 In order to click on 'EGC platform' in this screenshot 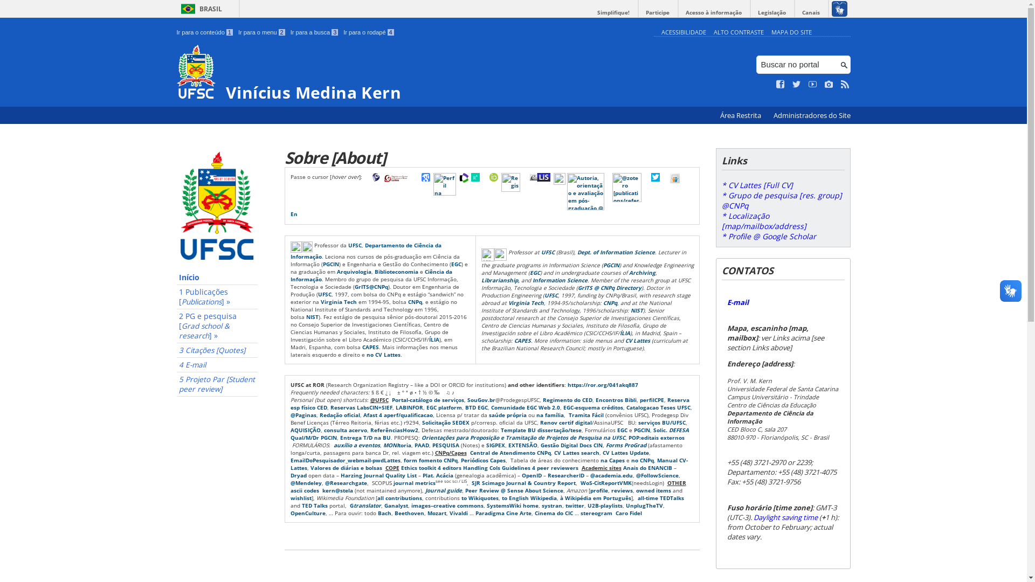, I will do `click(425, 407)`.